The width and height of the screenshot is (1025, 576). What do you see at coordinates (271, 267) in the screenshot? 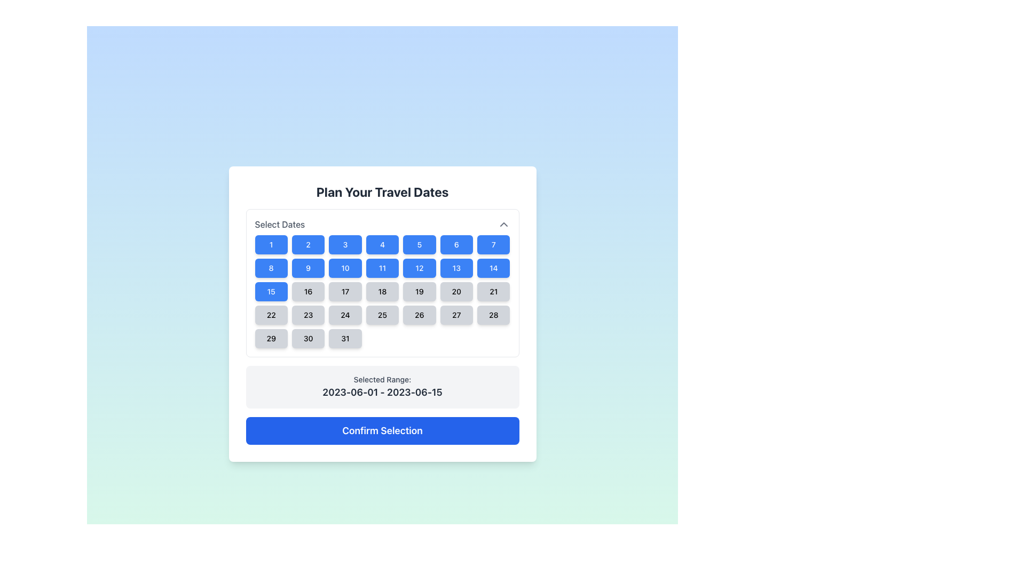
I see `the blue circular button labeled '8' located in the 'Select Dates' section` at bounding box center [271, 267].